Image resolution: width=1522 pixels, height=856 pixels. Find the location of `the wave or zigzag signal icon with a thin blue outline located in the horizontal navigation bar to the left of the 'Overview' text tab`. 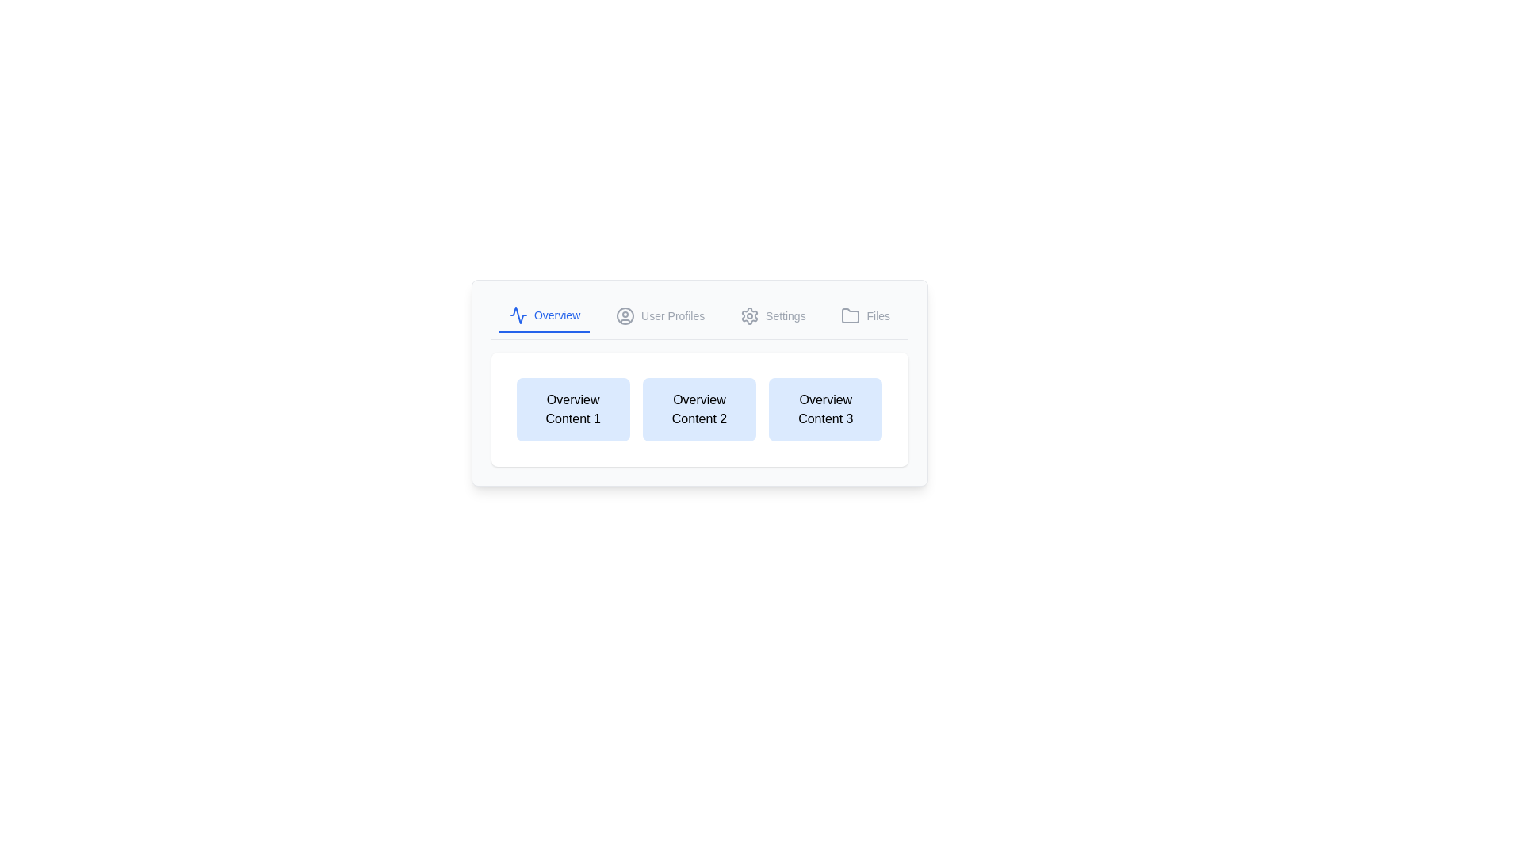

the wave or zigzag signal icon with a thin blue outline located in the horizontal navigation bar to the left of the 'Overview' text tab is located at coordinates (518, 315).